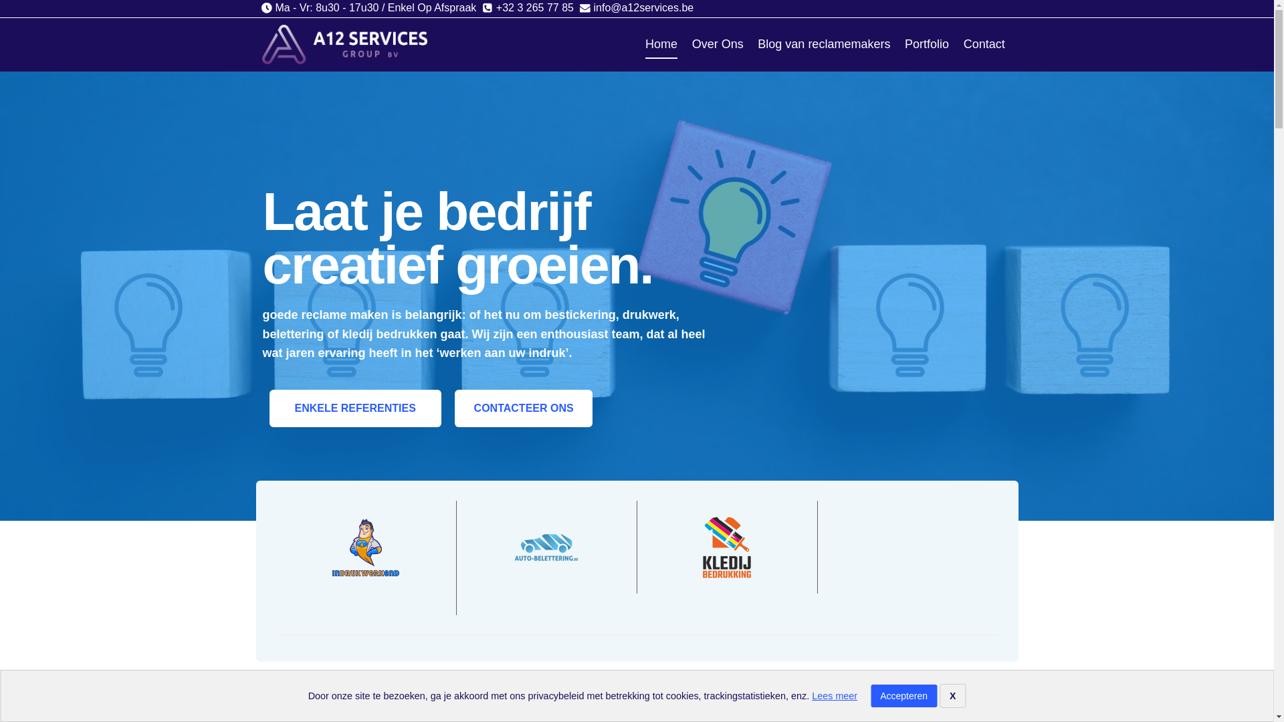  Describe the element at coordinates (984, 43) in the screenshot. I see `'Contact'` at that location.